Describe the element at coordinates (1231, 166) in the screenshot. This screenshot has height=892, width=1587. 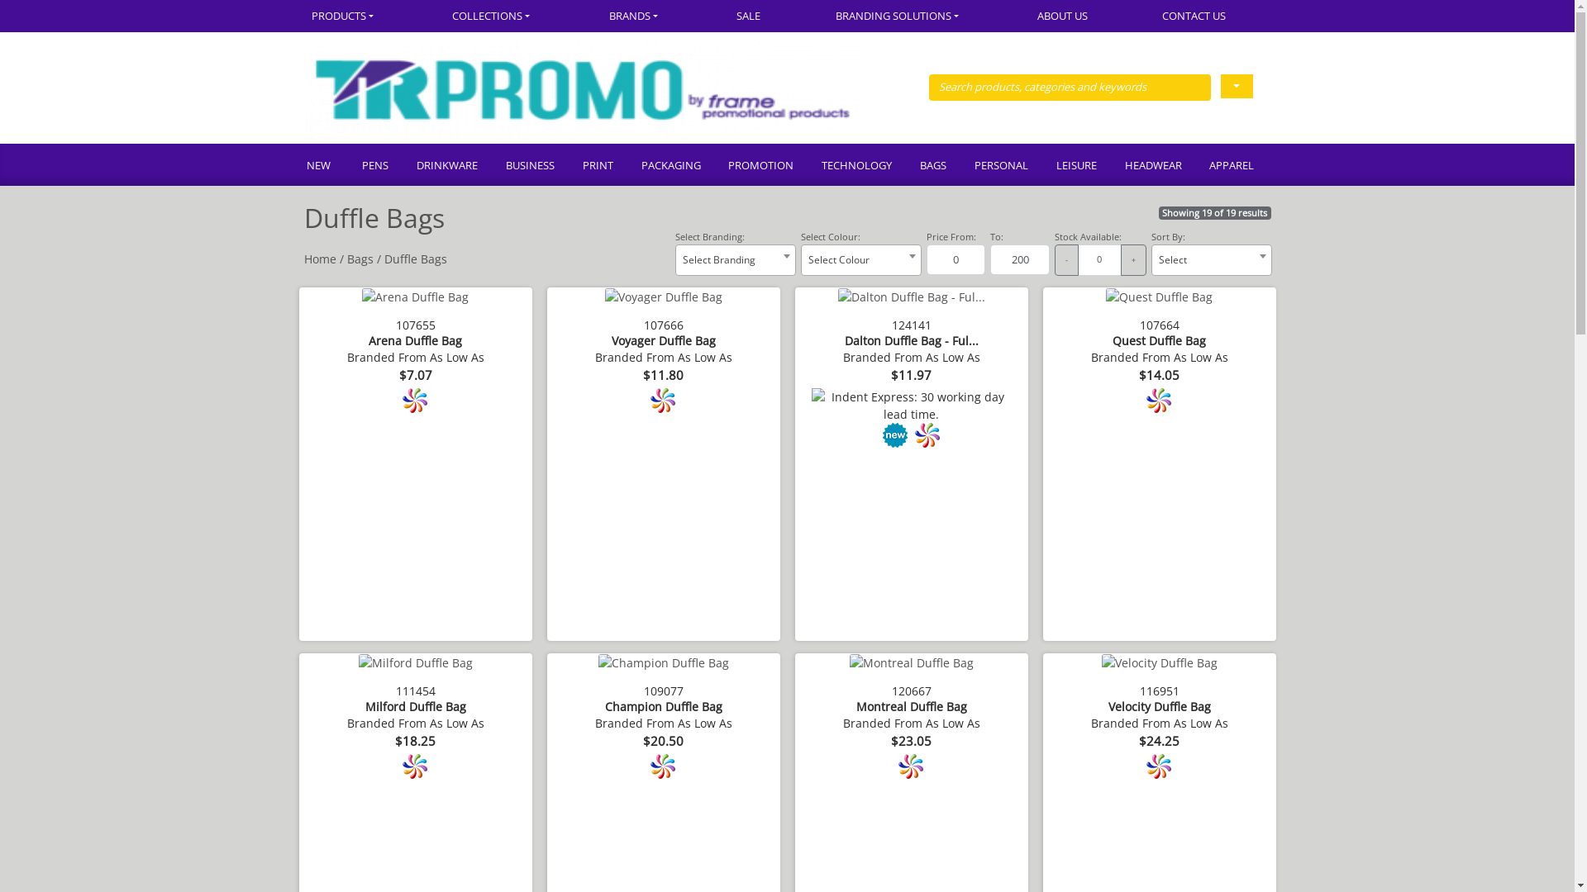
I see `'APPAREL'` at that location.